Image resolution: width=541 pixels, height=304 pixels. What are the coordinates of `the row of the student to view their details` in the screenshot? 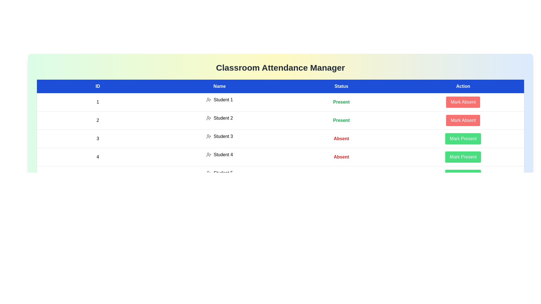 It's located at (98, 102).